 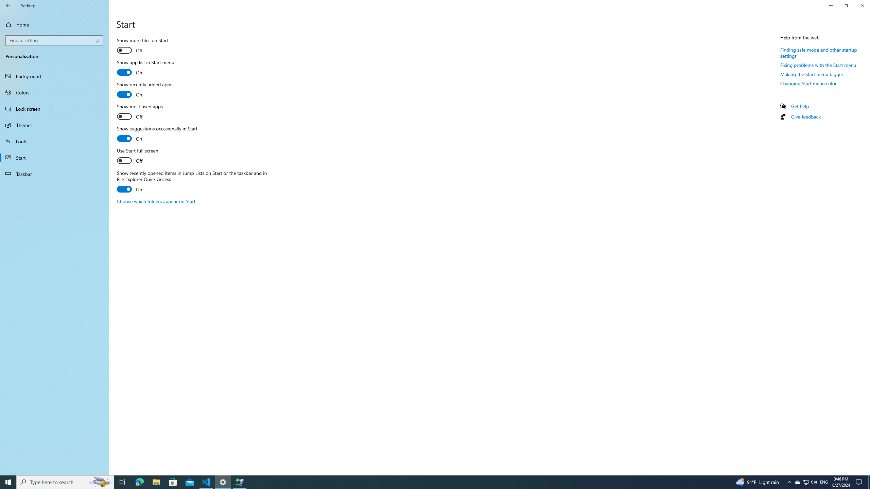 I want to click on 'Back', so click(x=8, y=5).